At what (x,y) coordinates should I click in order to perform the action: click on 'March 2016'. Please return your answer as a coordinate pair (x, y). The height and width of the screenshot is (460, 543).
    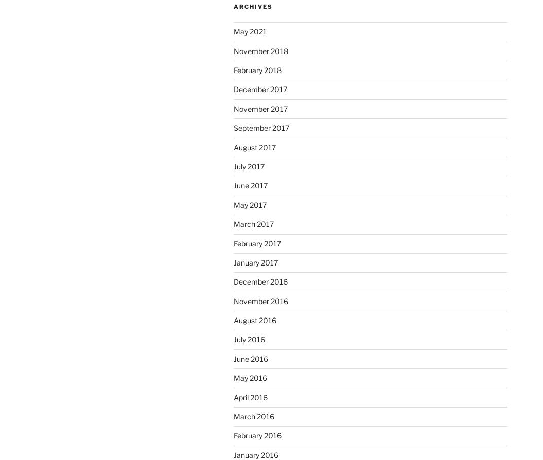
    Looking at the image, I should click on (233, 416).